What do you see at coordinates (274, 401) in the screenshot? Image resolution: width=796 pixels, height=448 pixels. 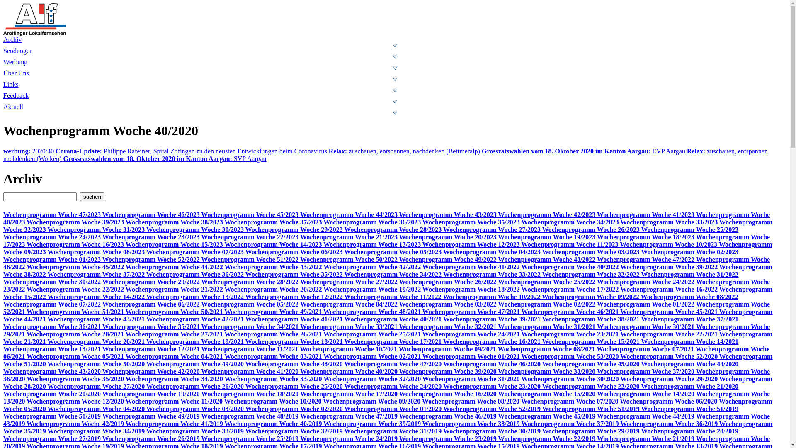 I see `'Wochenprogramm Woche 10/2020'` at bounding box center [274, 401].